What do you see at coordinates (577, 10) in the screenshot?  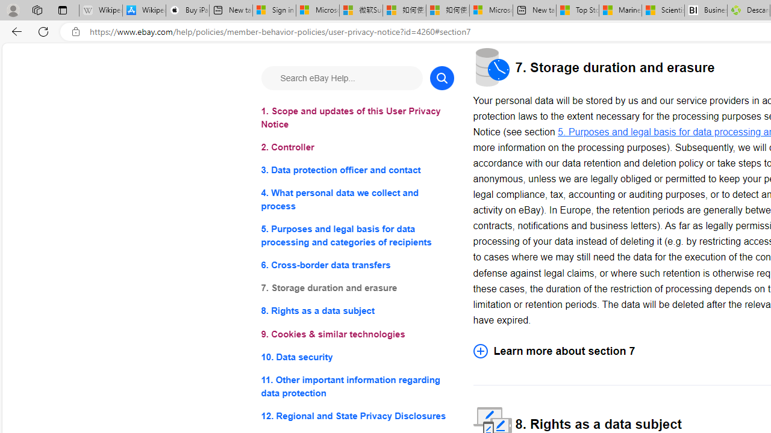 I see `'Top Stories - MSN'` at bounding box center [577, 10].